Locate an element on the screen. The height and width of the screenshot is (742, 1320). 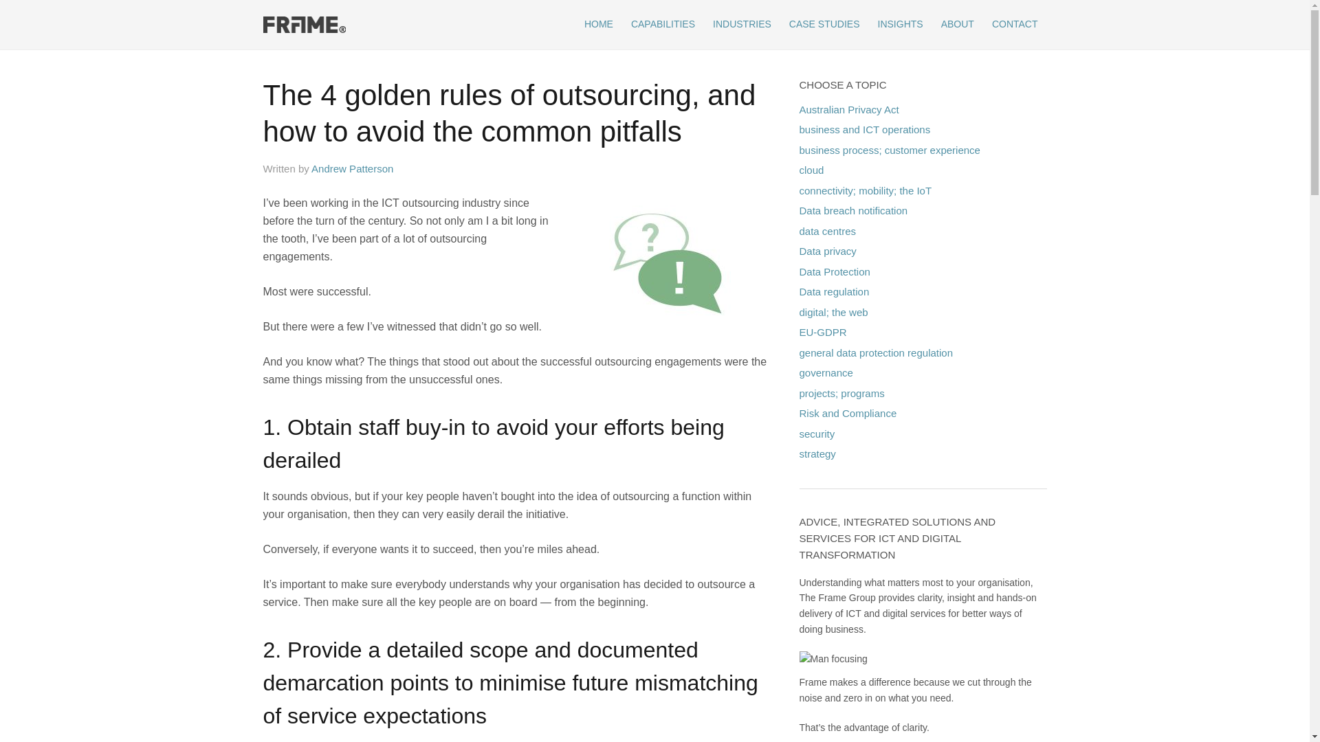
'connectivity; mobility; the IoT' is located at coordinates (864, 190).